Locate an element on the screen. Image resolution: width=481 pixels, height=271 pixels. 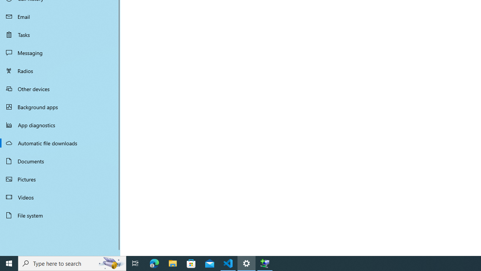
'File system' is located at coordinates (60, 215).